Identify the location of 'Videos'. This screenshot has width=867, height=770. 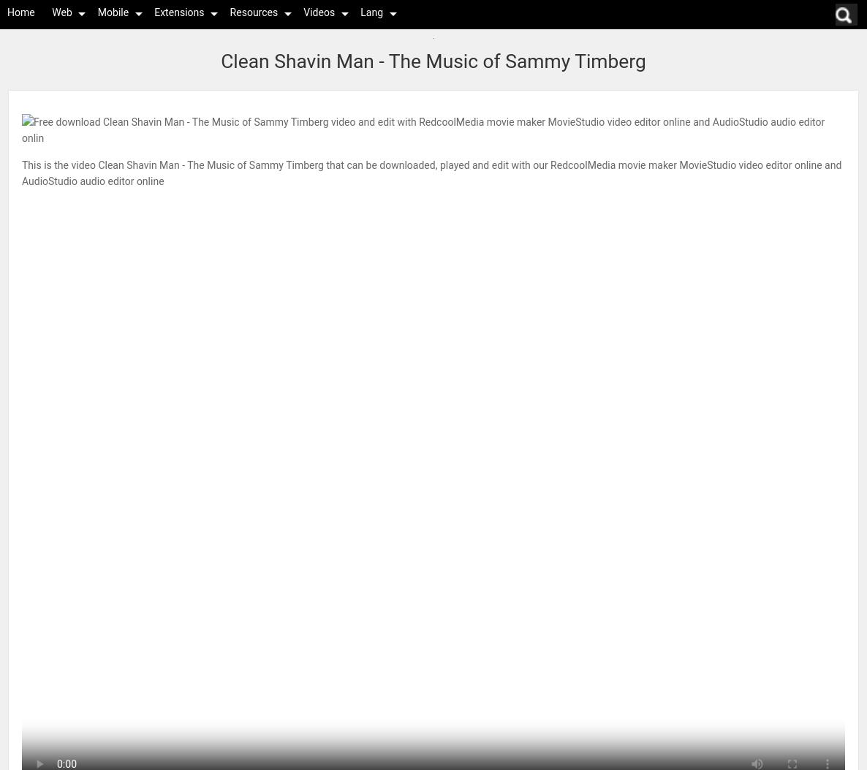
(319, 12).